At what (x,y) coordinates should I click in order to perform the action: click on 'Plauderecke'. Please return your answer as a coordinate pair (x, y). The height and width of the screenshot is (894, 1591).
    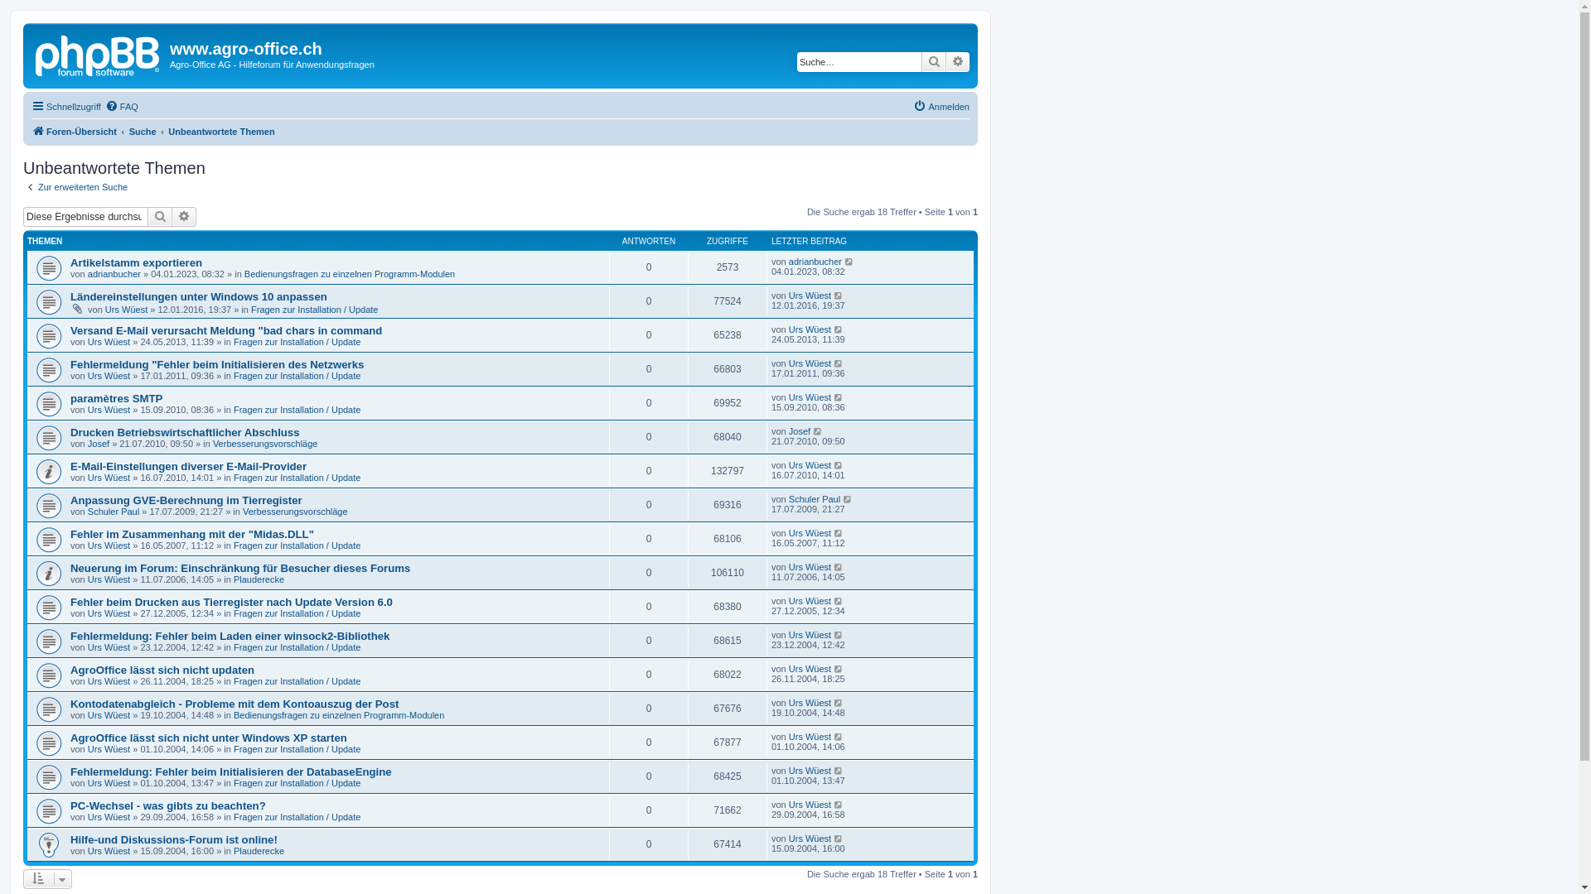
    Looking at the image, I should click on (258, 851).